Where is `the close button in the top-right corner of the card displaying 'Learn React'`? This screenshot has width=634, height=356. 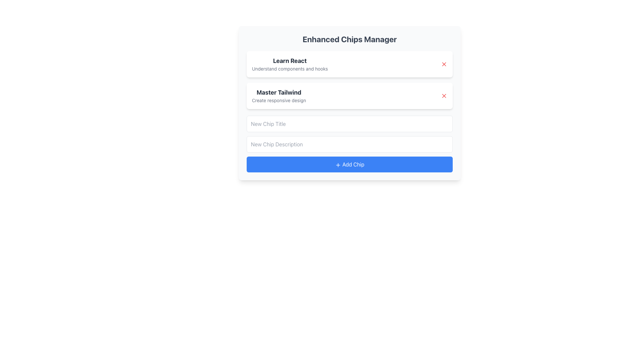
the close button in the top-right corner of the card displaying 'Learn React' is located at coordinates (444, 64).